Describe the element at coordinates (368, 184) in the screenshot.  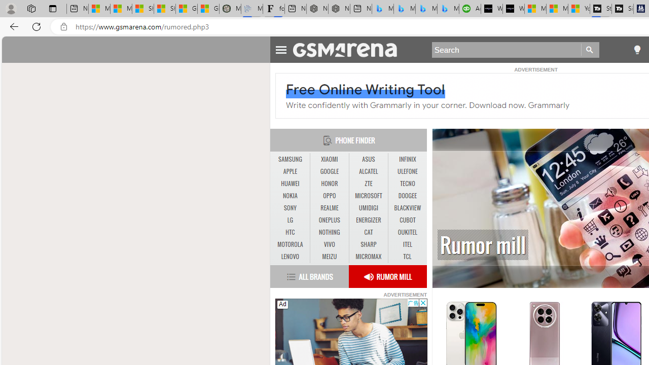
I see `'ZTE'` at that location.